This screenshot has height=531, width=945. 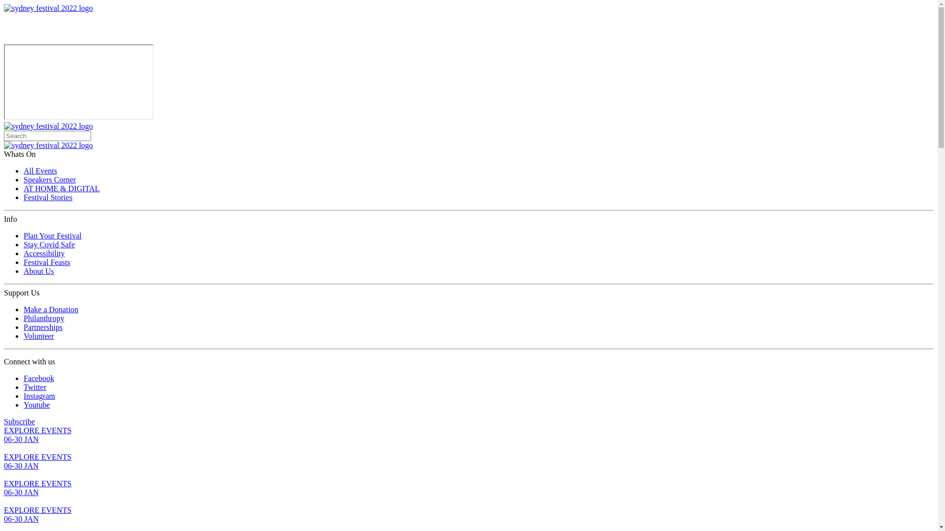 What do you see at coordinates (43, 318) in the screenshot?
I see `'Philanthropy'` at bounding box center [43, 318].